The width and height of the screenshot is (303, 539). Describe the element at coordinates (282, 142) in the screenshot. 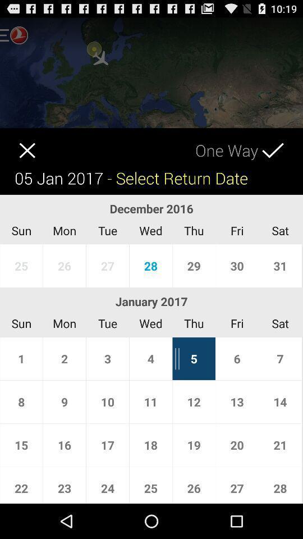

I see `ok` at that location.